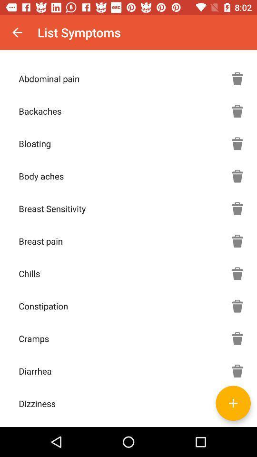 The image size is (257, 457). Describe the element at coordinates (237, 143) in the screenshot. I see `mark that you 're not experiencing bloating` at that location.